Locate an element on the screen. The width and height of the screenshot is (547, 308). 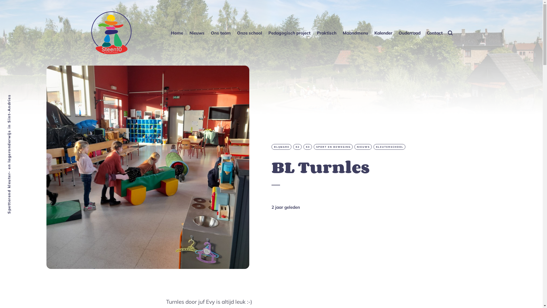
'Home' is located at coordinates (170, 33).